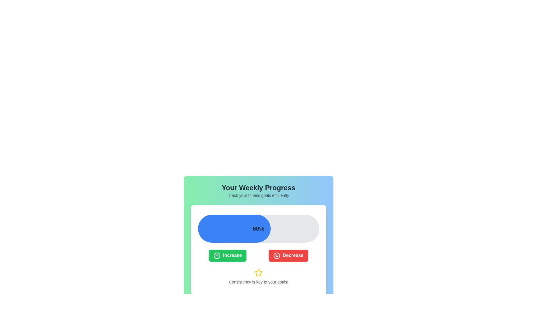 This screenshot has width=560, height=315. Describe the element at coordinates (217, 255) in the screenshot. I see `the icon representing the action of increasing a value, located at the top-left corner of the green button labeled 'Increase', which is below the progress bar` at that location.